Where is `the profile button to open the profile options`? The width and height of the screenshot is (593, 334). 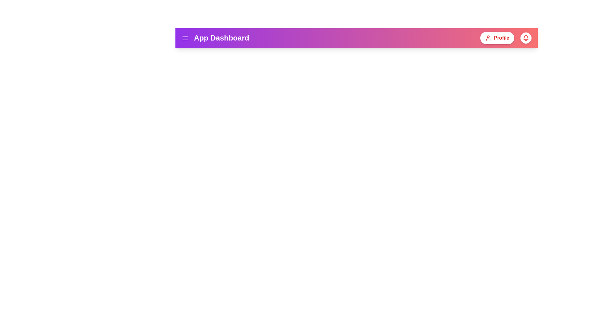
the profile button to open the profile options is located at coordinates (497, 38).